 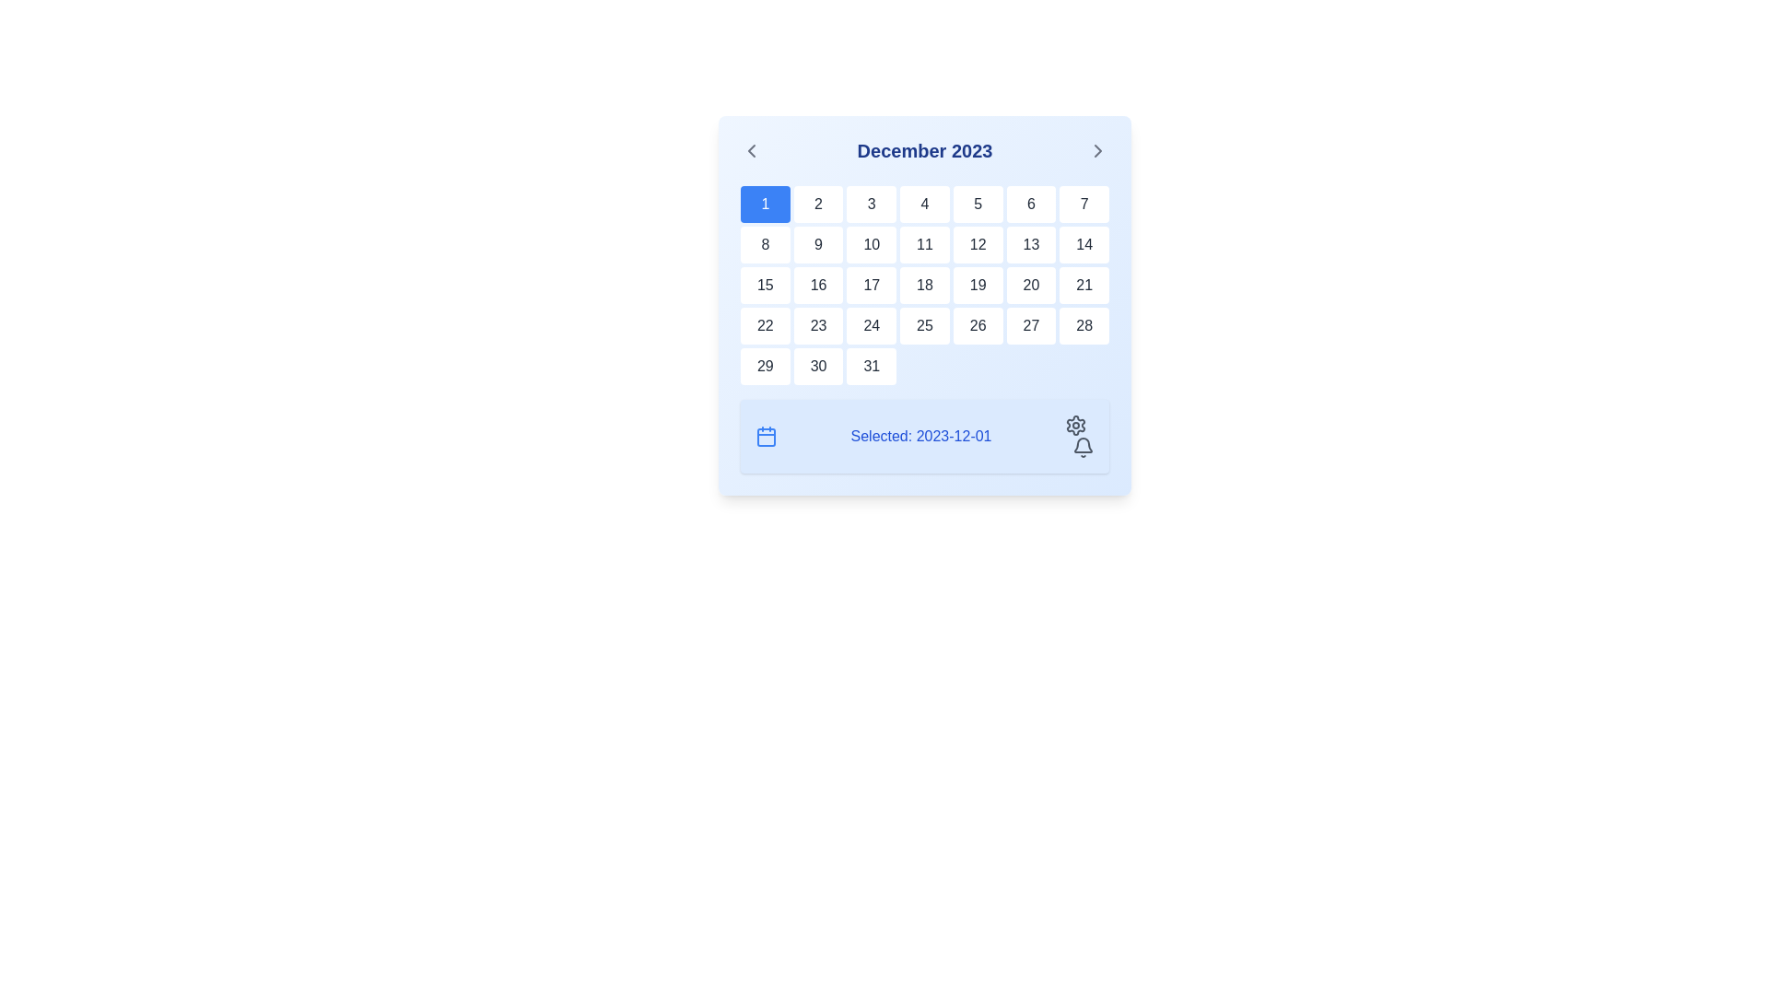 What do you see at coordinates (765, 205) in the screenshot?
I see `the date cell representing '1' in the December 2023 calendar, located at the top left corner of the grid` at bounding box center [765, 205].